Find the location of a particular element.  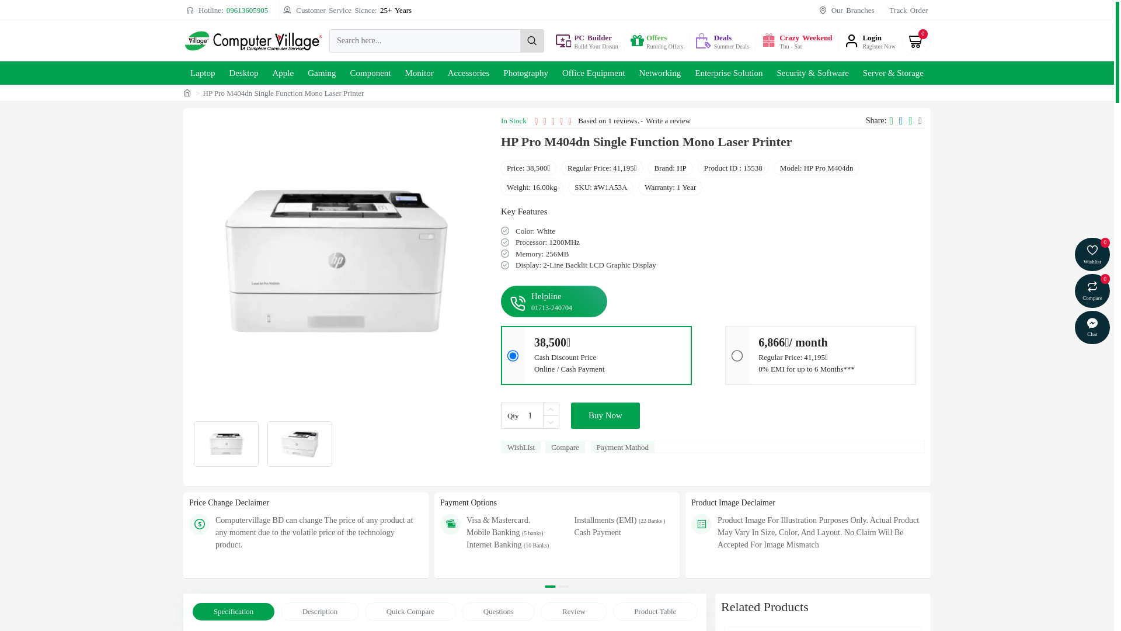

'Security & Software' is located at coordinates (812, 72).